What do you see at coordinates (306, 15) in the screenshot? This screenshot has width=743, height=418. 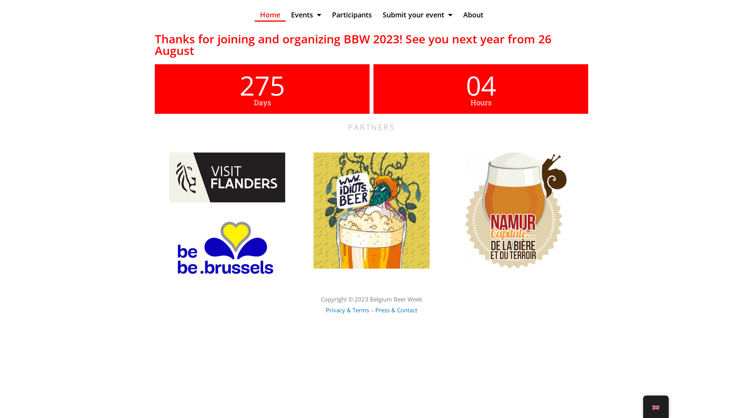 I see `'Events'` at bounding box center [306, 15].